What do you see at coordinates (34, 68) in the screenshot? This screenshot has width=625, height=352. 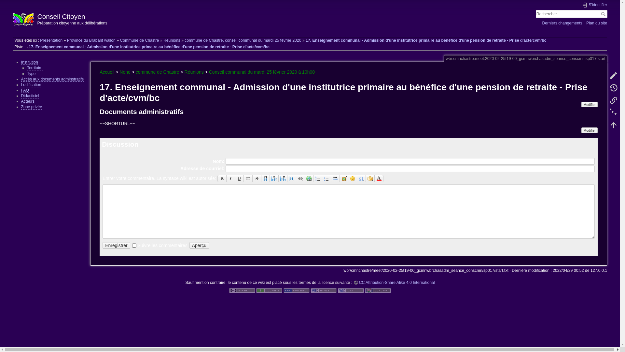 I see `'Territoire'` at bounding box center [34, 68].